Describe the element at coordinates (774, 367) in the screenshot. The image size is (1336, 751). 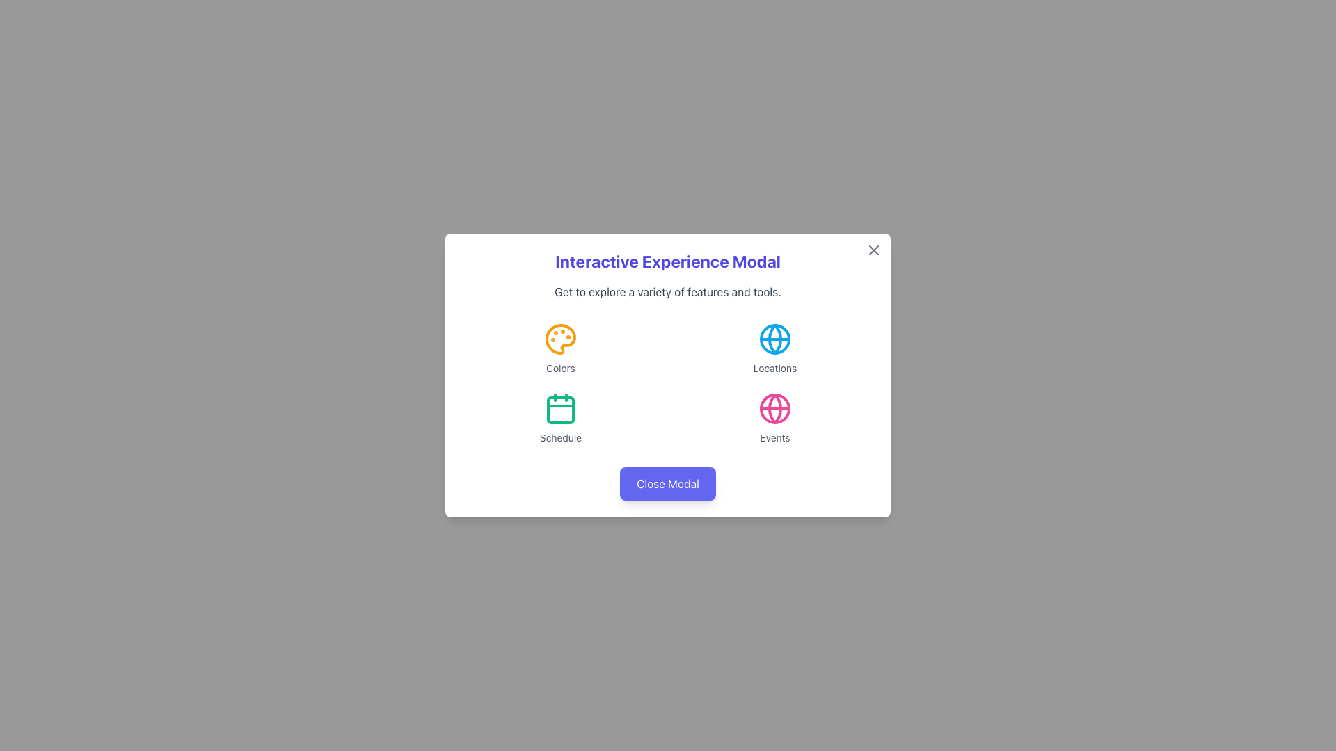
I see `the text label located directly below the blue globe icon in the top-right quadrant of the modal interface, which provides contextual information for the globe icon` at that location.